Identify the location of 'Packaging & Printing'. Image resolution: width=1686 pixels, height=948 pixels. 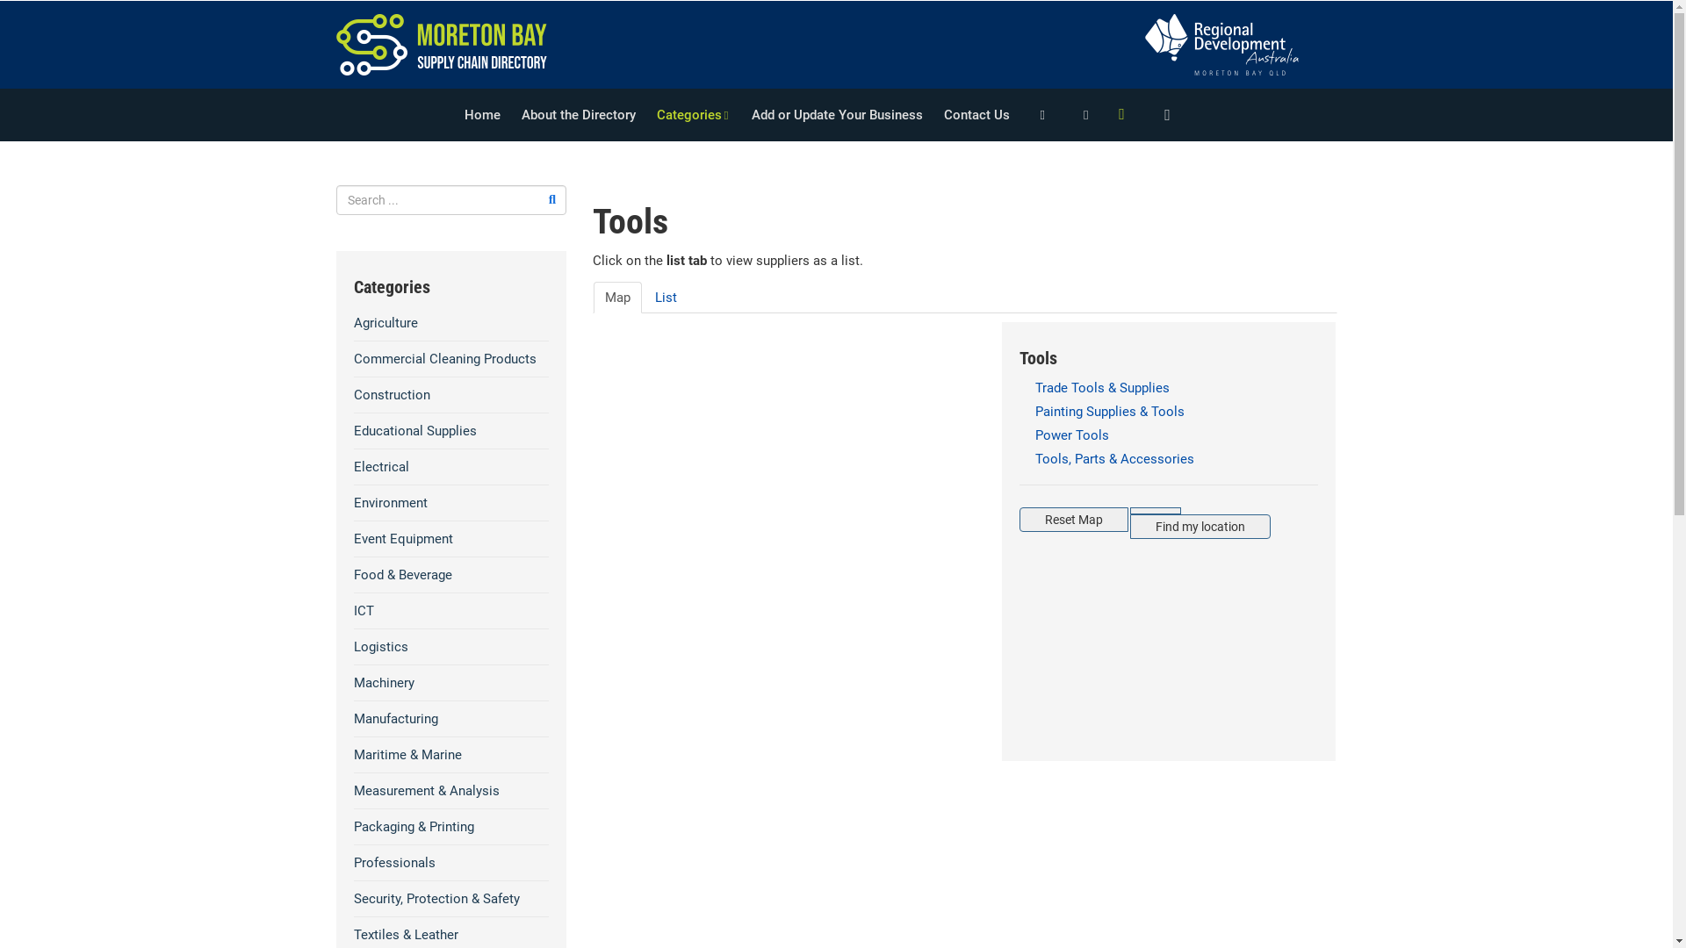
(450, 826).